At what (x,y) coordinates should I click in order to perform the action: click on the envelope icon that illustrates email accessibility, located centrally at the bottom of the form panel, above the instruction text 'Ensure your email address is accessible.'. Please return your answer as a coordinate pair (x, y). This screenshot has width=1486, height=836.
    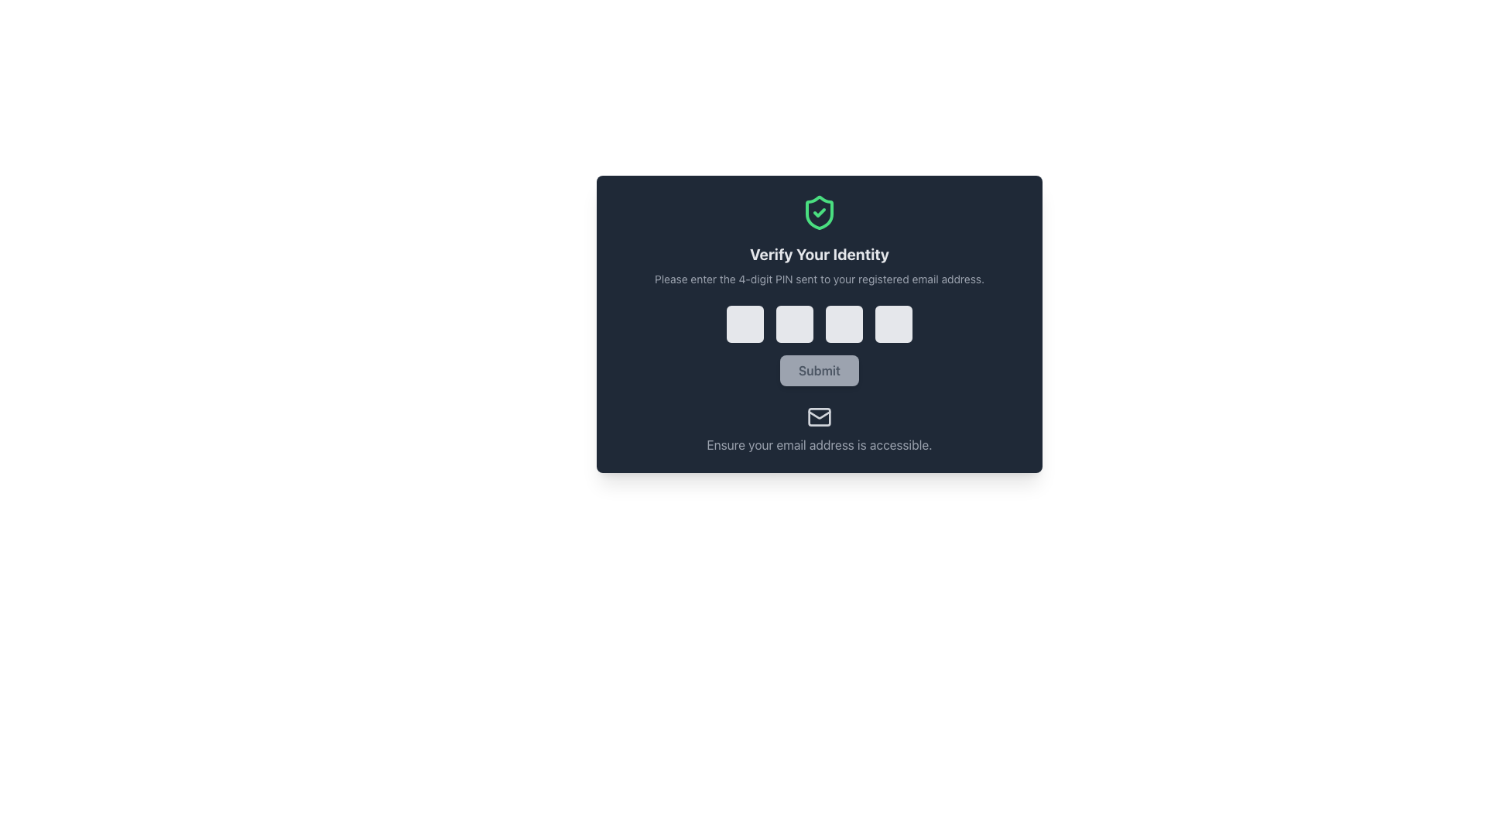
    Looking at the image, I should click on (819, 416).